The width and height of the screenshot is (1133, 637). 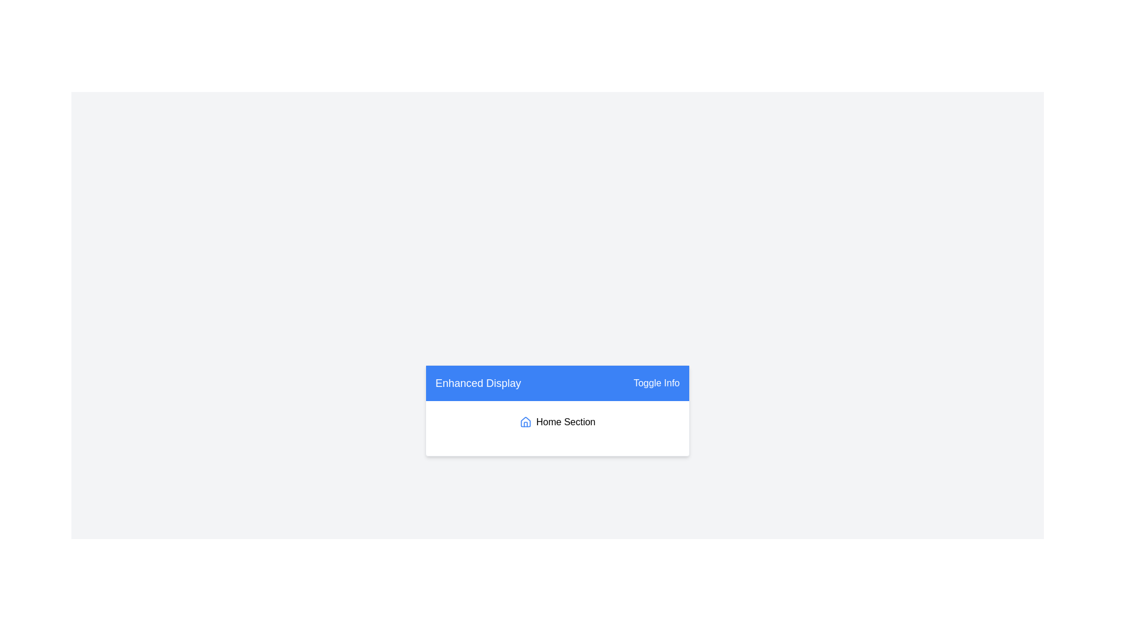 I want to click on static text label with an accompanying icon located near the center of the interface, beneath the header with buttons labeled 'Enhanced Display' and 'Toggle Info', so click(x=557, y=422).